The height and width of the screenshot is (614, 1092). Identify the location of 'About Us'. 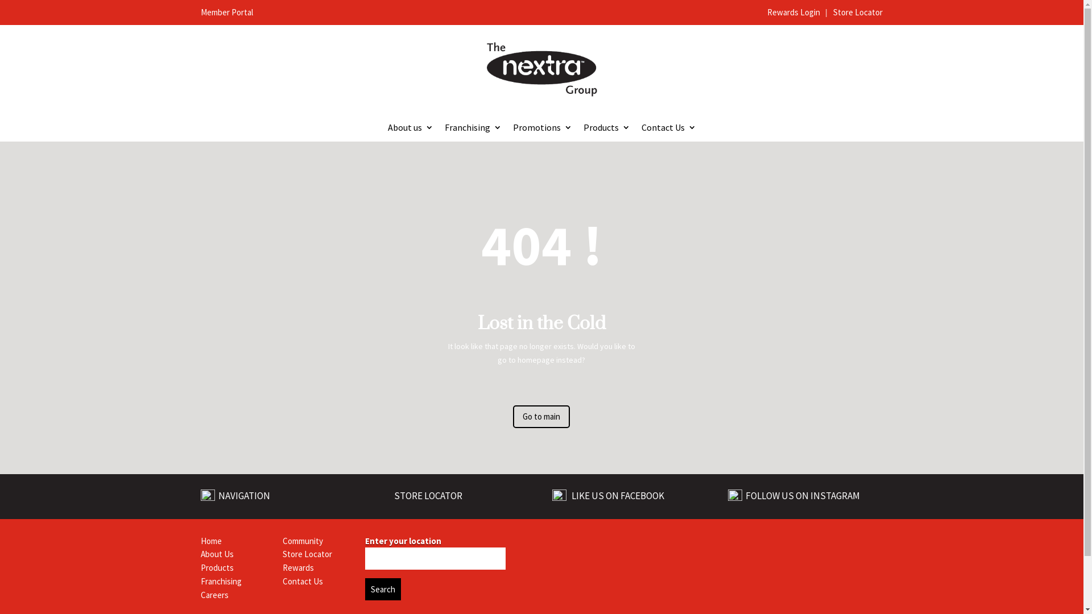
(200, 553).